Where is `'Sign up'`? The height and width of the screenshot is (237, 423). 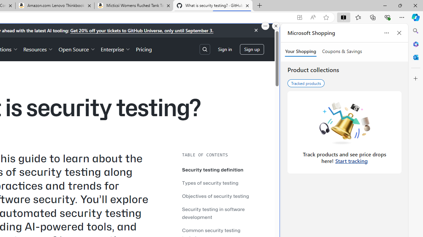
'Sign up' is located at coordinates (251, 49).